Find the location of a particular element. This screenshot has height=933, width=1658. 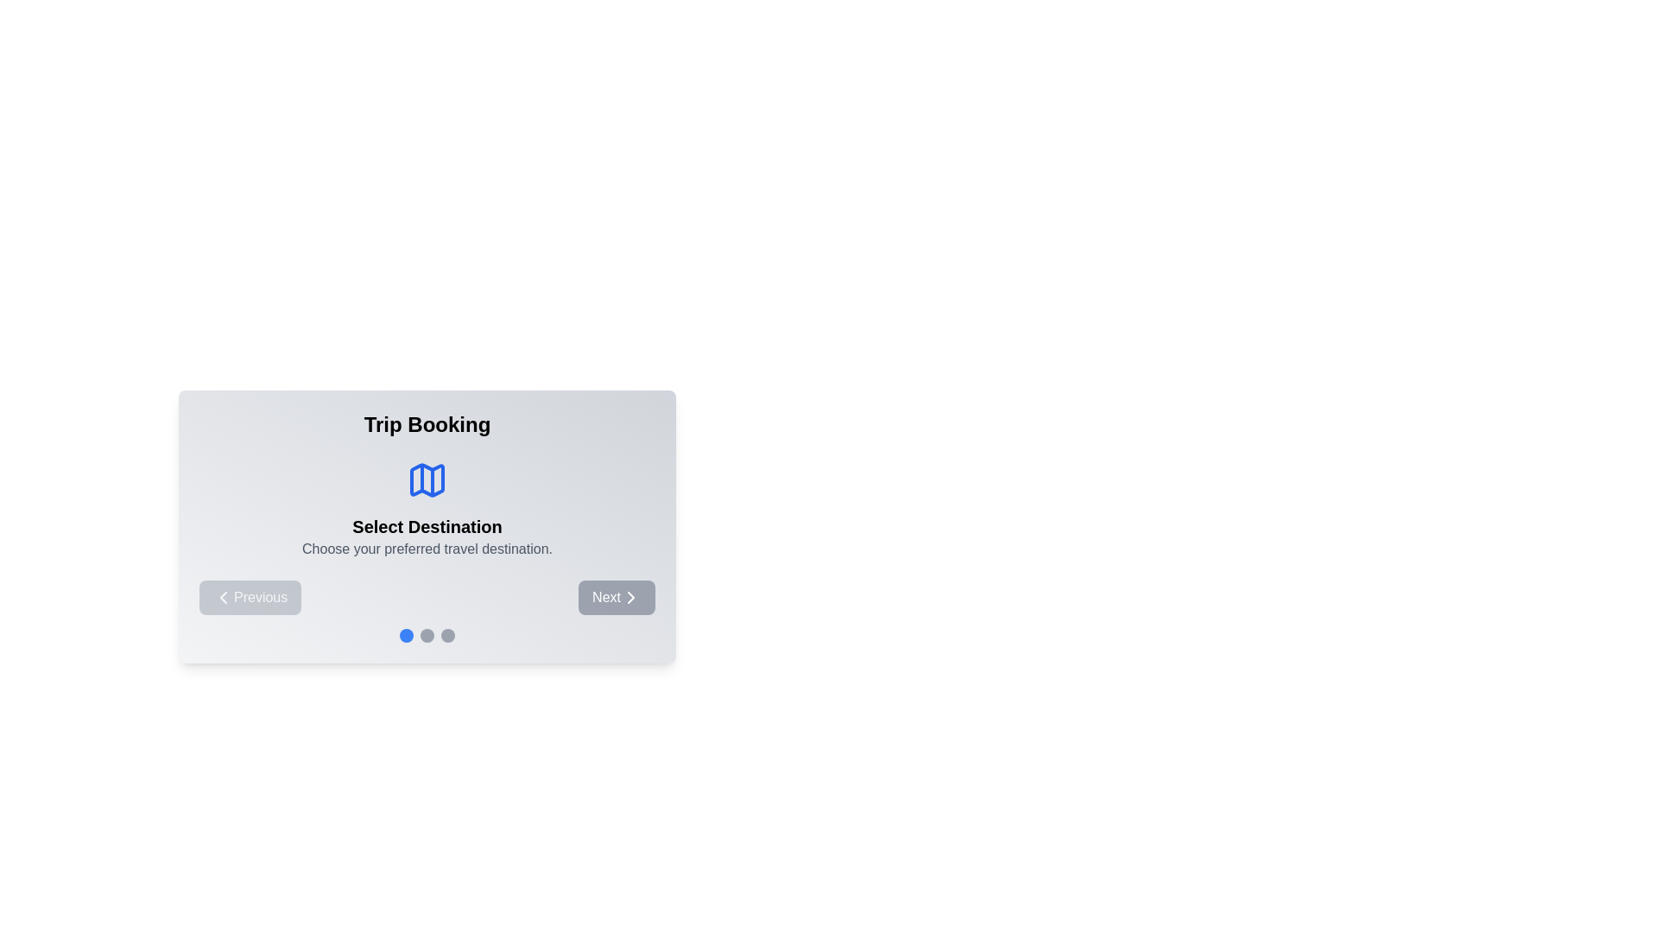

the third circular navigation indicator at the bottom center of the 'Trip Booking' card, which is filled with gray color is located at coordinates (447, 636).